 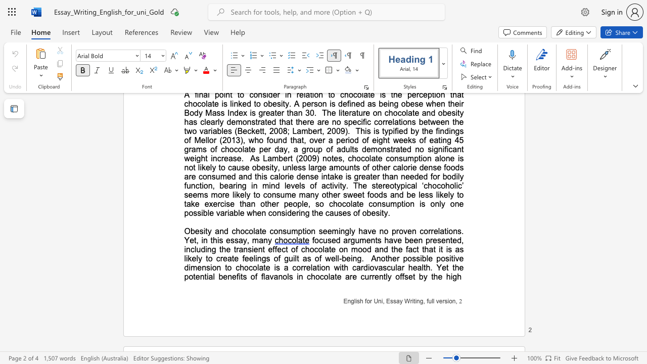 What do you see at coordinates (283, 267) in the screenshot?
I see `the subset text "a correlation with c" within the text "Another possible positive dimension to chocolate is a correlation with cardiovascular health. Yet the potential benefits of flavanols in chocolate are currently offset by the high"` at bounding box center [283, 267].